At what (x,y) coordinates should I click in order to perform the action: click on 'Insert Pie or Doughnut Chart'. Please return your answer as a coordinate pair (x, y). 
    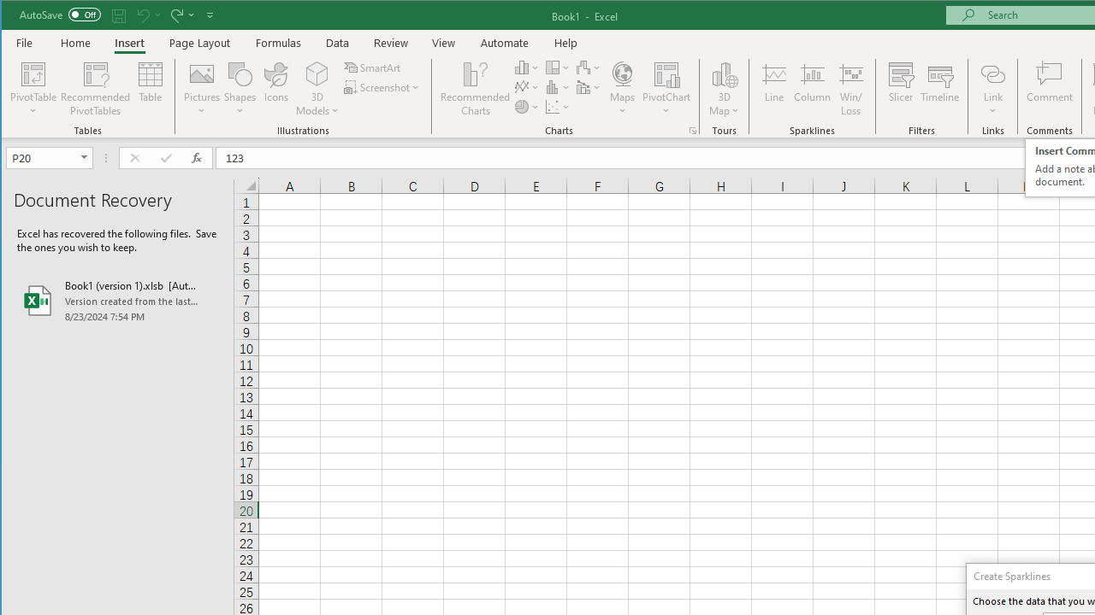
    Looking at the image, I should click on (526, 107).